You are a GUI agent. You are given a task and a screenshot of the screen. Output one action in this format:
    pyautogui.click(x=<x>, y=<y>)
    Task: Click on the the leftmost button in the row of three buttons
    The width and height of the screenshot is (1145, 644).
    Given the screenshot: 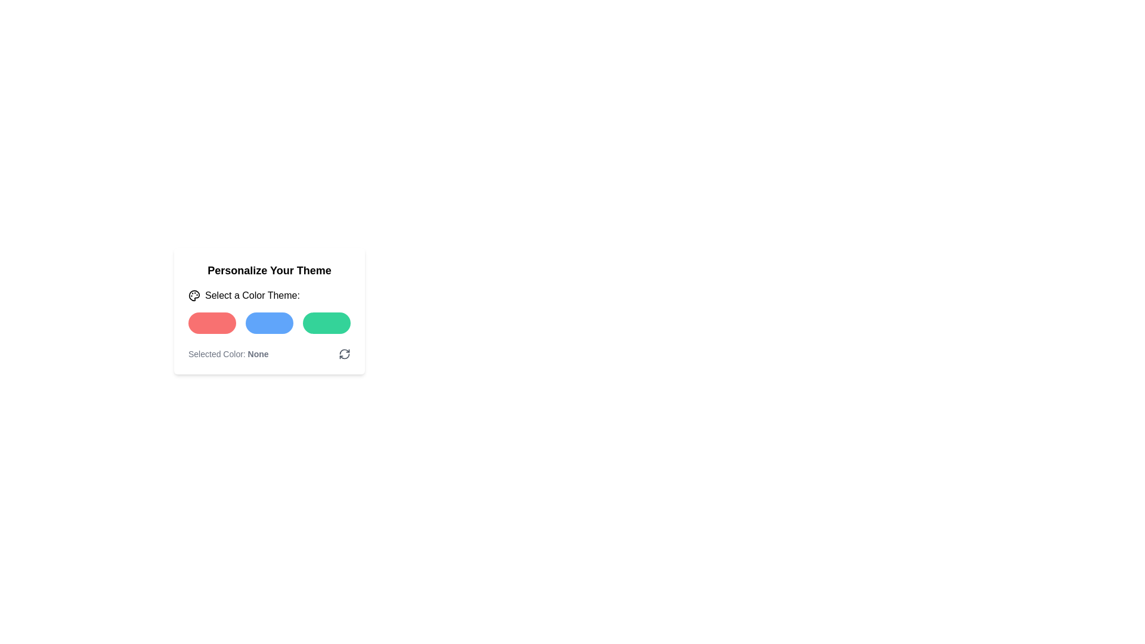 What is the action you would take?
    pyautogui.click(x=212, y=323)
    